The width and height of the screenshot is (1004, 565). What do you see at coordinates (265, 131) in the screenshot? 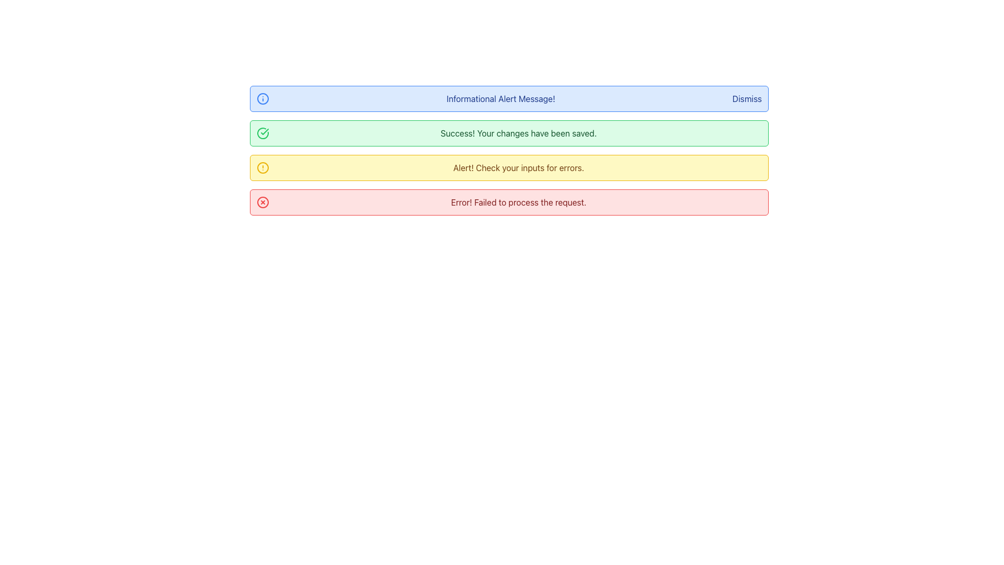
I see `the success icon located within the green success alert box, positioned to the left of the text 'Success! Your changes have been saved.'` at bounding box center [265, 131].